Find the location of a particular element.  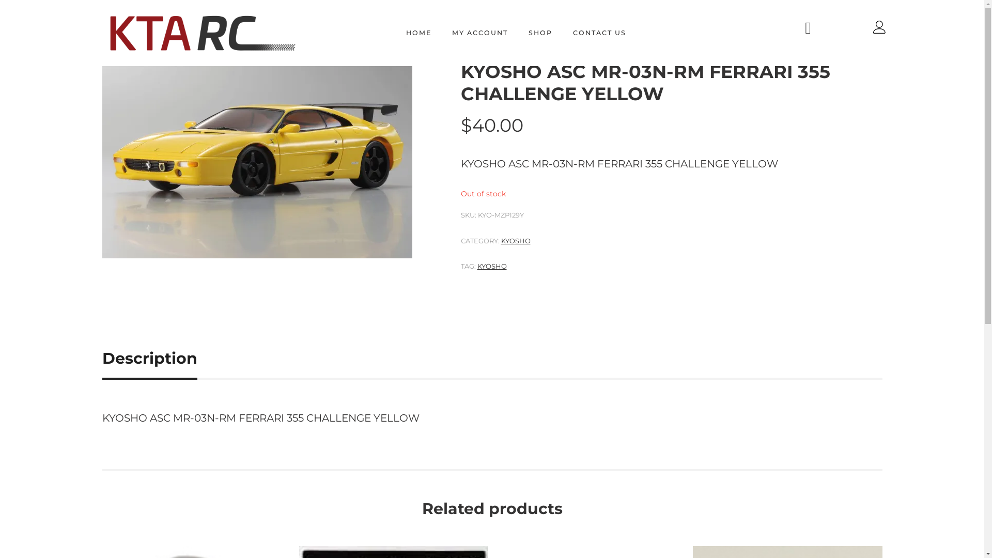

'SHOP' is located at coordinates (540, 33).